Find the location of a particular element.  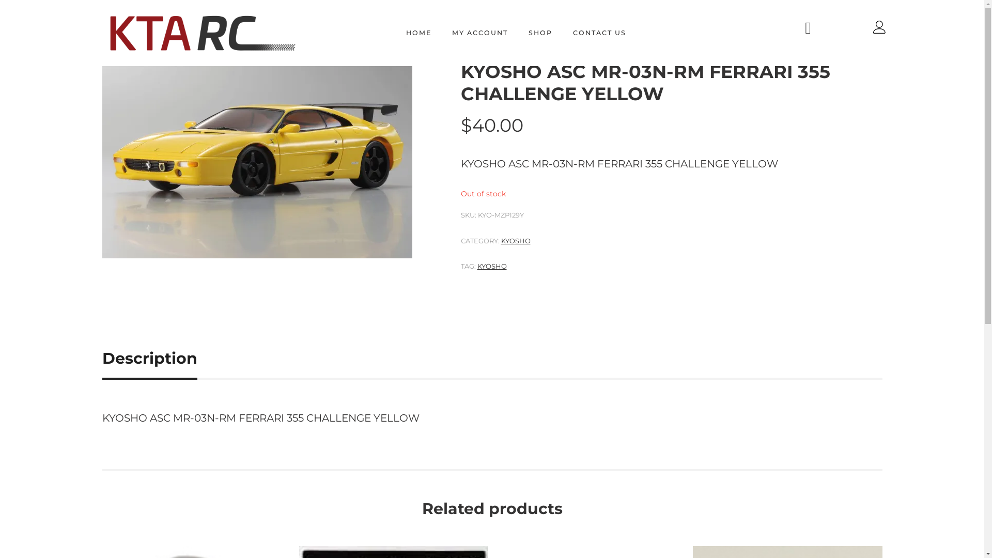

'SHOP' is located at coordinates (540, 33).